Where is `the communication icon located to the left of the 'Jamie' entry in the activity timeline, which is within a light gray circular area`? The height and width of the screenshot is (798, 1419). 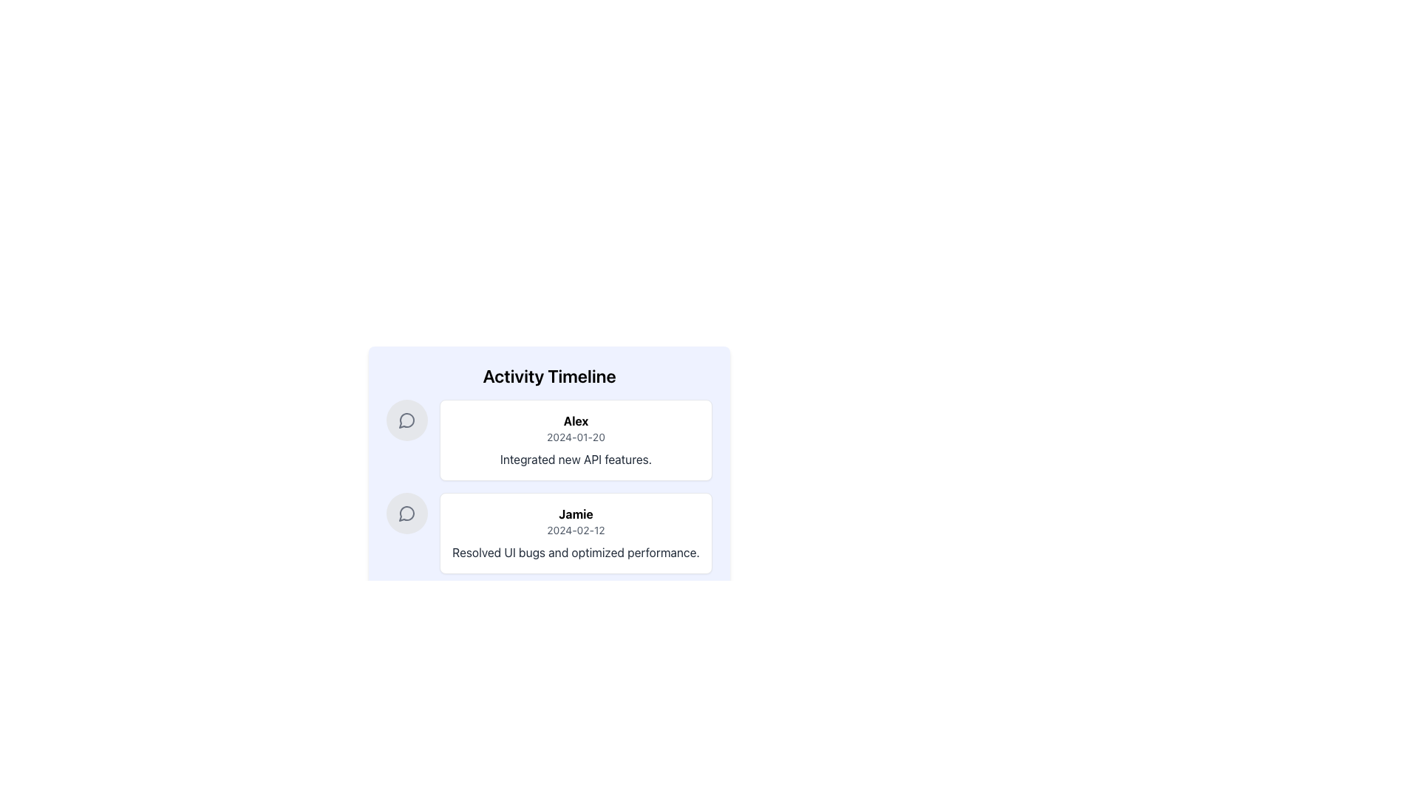
the communication icon located to the left of the 'Jamie' entry in the activity timeline, which is within a light gray circular area is located at coordinates (407, 512).